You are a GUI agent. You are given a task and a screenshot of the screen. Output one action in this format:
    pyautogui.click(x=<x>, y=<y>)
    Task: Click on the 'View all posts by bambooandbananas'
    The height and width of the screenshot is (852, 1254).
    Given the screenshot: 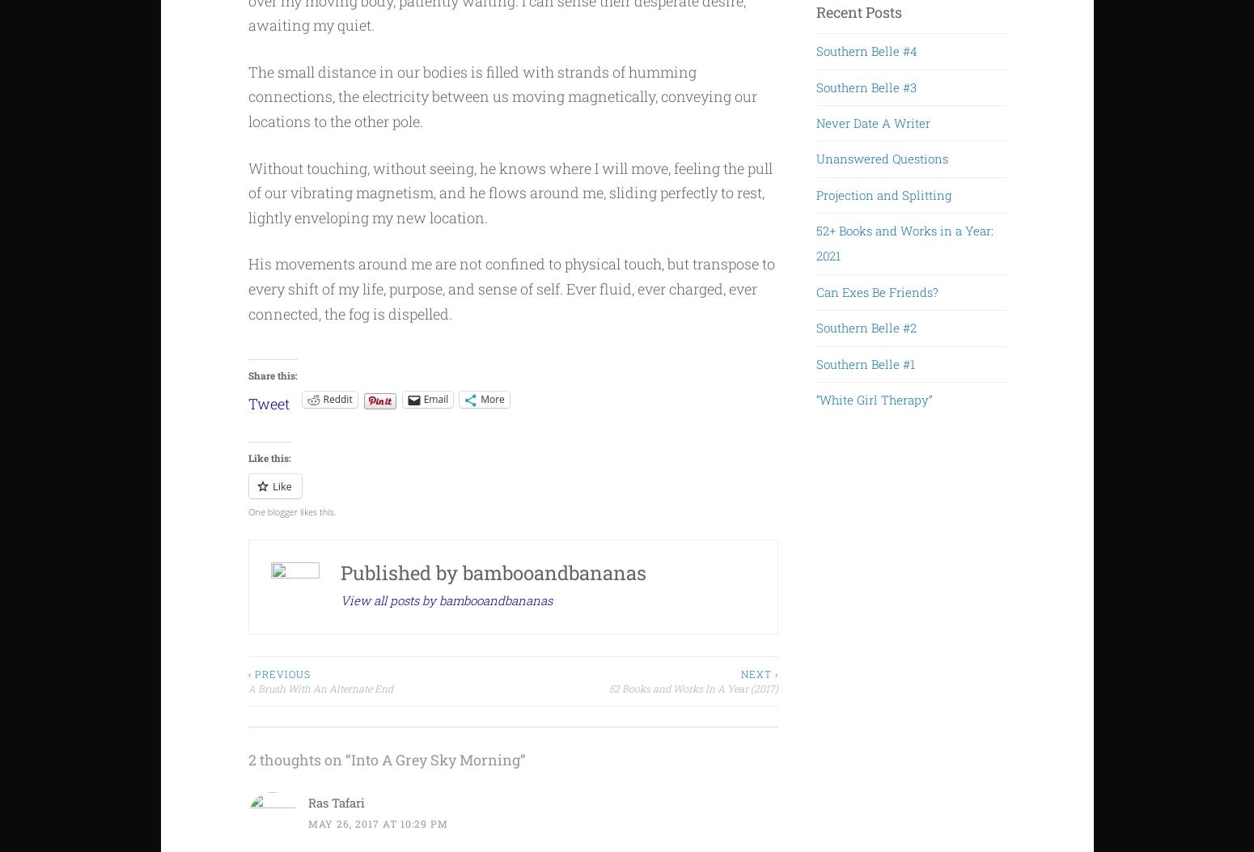 What is the action you would take?
    pyautogui.click(x=340, y=598)
    